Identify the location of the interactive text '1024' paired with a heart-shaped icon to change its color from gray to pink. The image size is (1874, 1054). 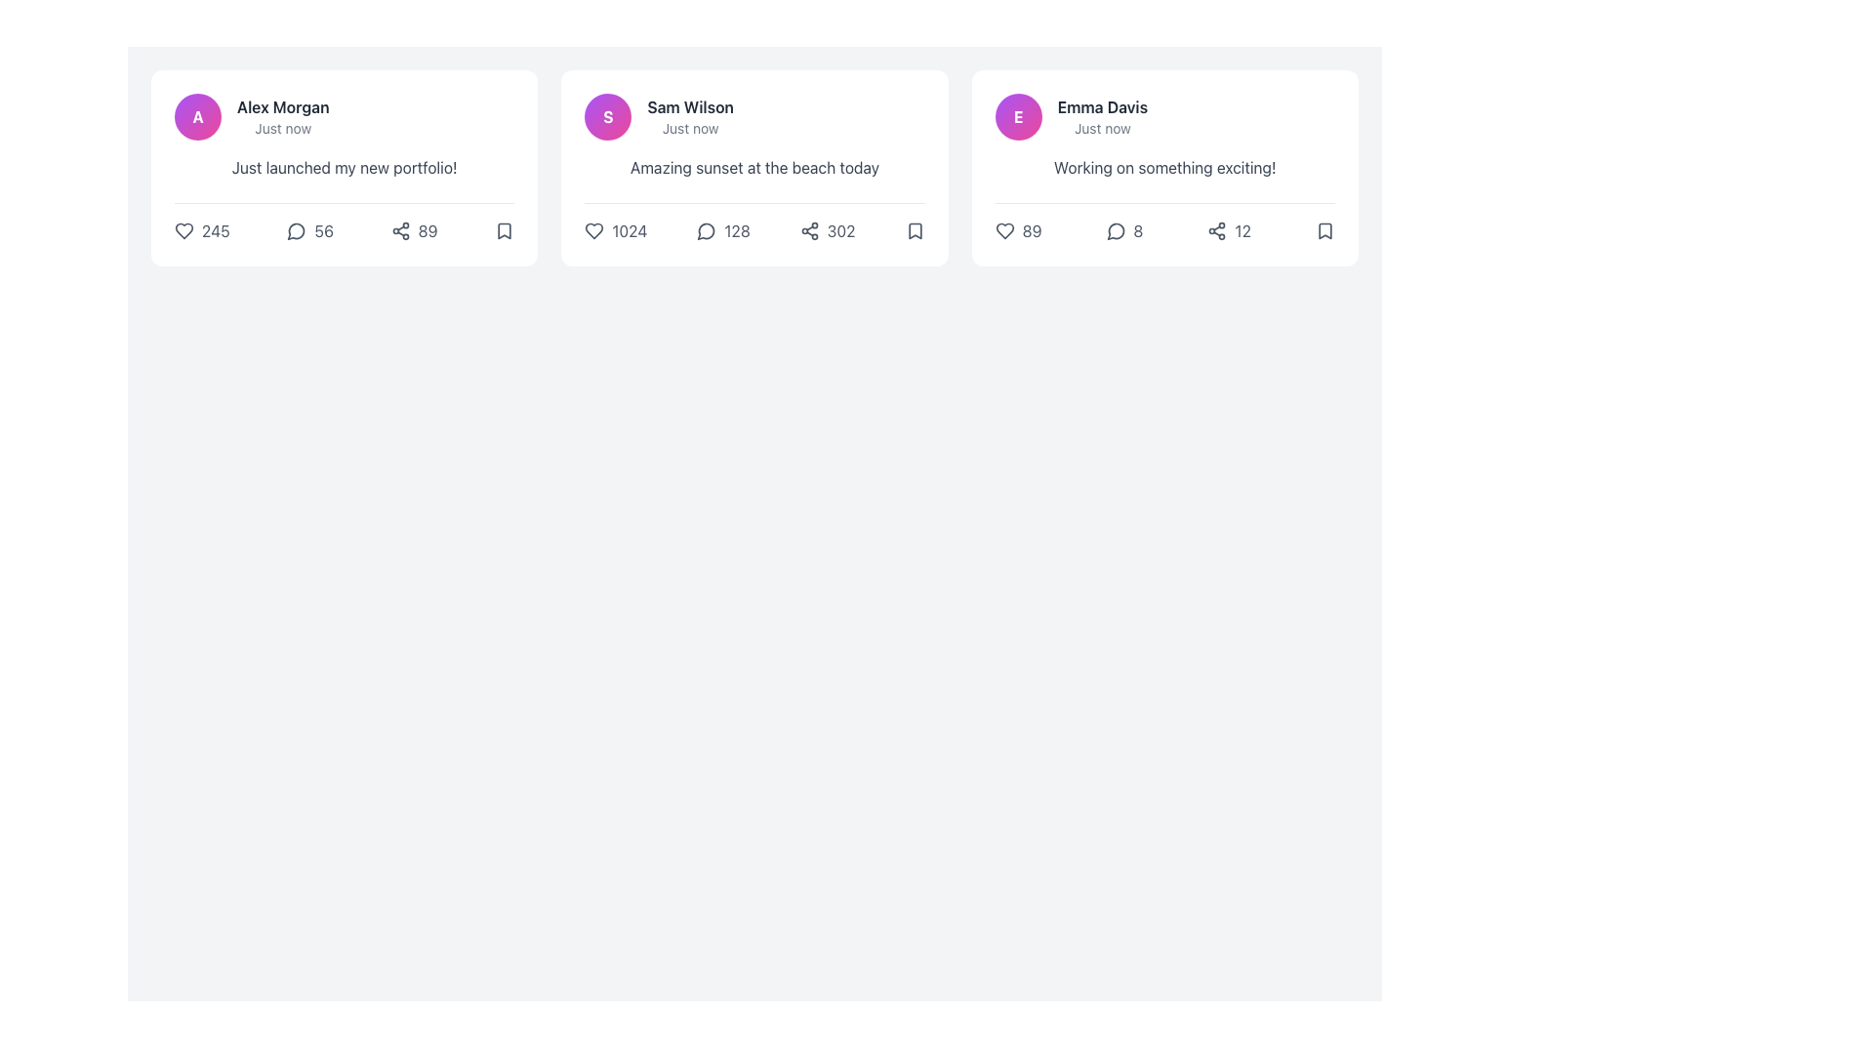
(615, 229).